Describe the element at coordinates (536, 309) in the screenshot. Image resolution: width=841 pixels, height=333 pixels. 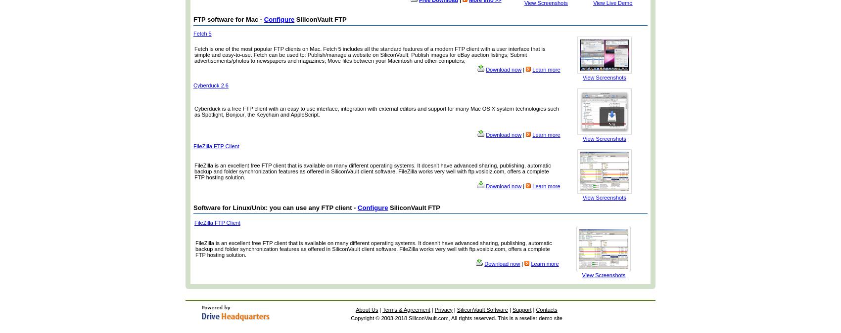
I see `'Contacts'` at that location.